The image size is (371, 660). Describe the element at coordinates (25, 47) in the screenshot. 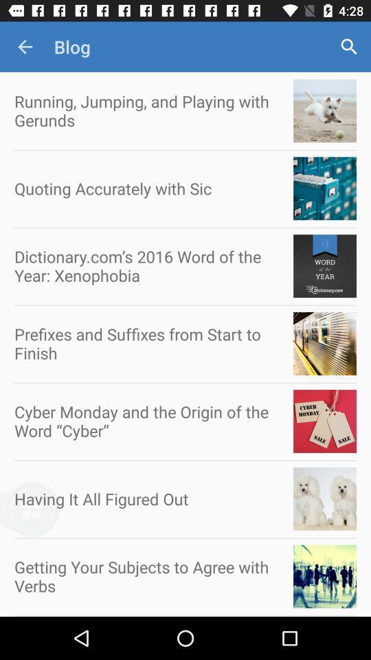

I see `item above the running jumping and icon` at that location.